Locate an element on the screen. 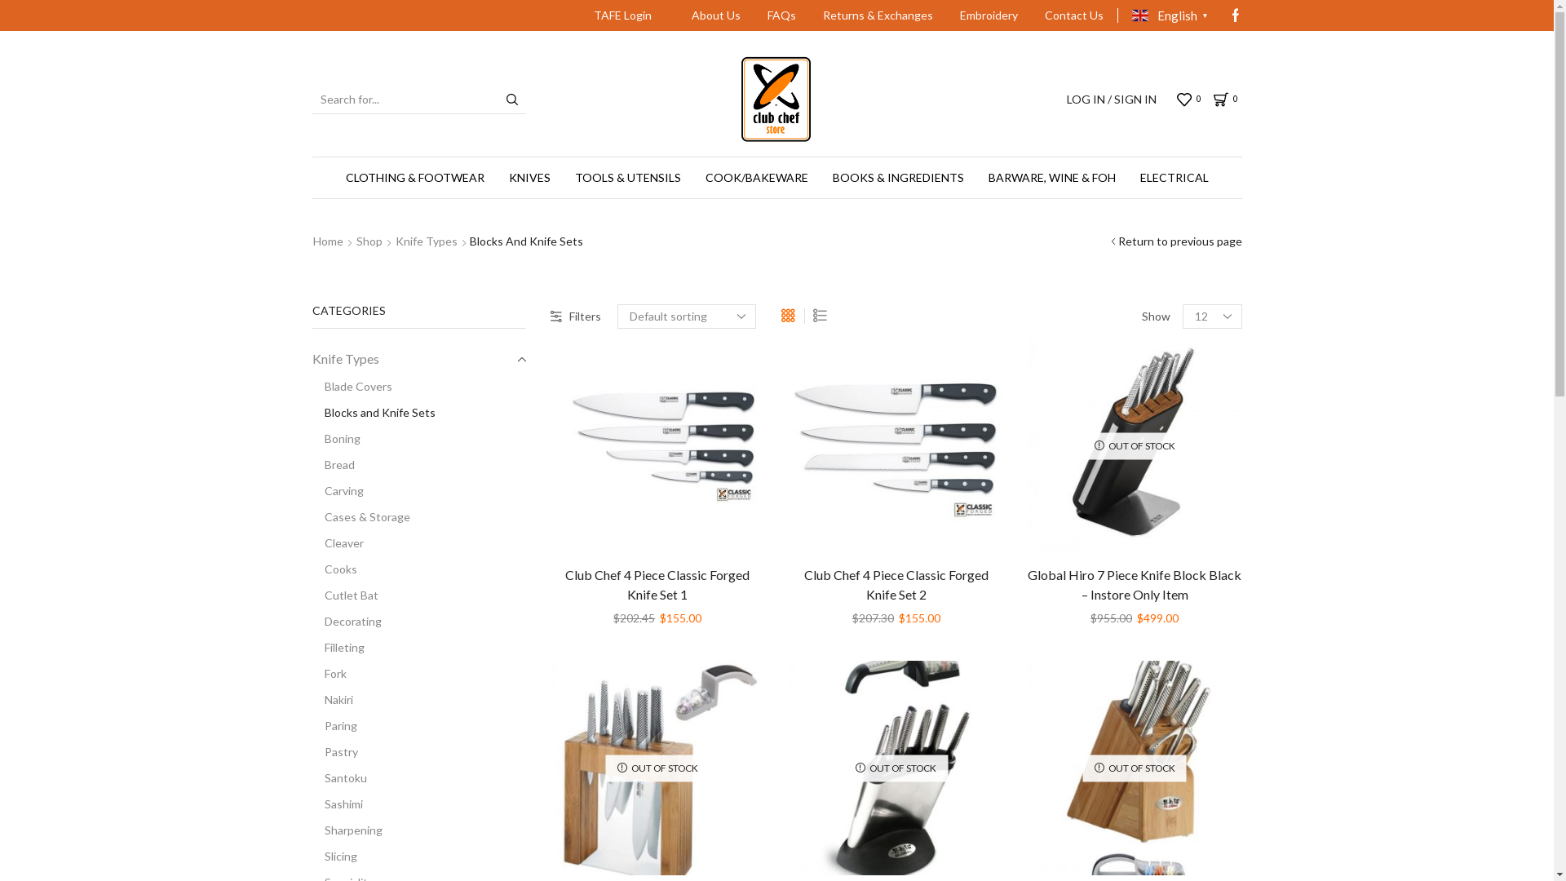 The width and height of the screenshot is (1566, 881). 'Filleting' is located at coordinates (336, 647).